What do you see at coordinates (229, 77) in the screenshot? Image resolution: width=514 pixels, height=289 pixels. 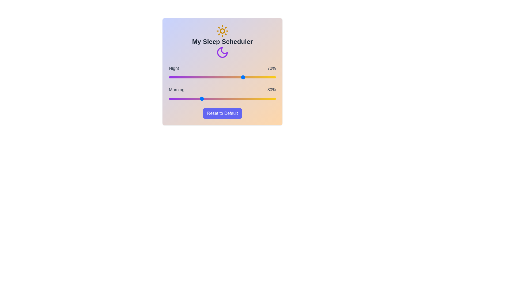 I see `the 'Night' slider to 56%` at bounding box center [229, 77].